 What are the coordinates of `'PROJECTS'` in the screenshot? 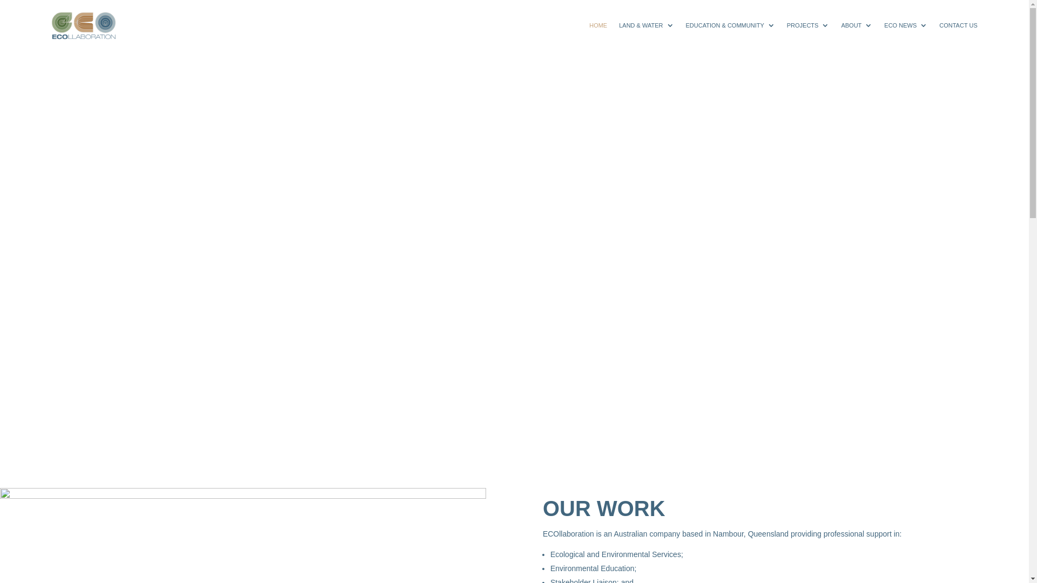 It's located at (787, 25).